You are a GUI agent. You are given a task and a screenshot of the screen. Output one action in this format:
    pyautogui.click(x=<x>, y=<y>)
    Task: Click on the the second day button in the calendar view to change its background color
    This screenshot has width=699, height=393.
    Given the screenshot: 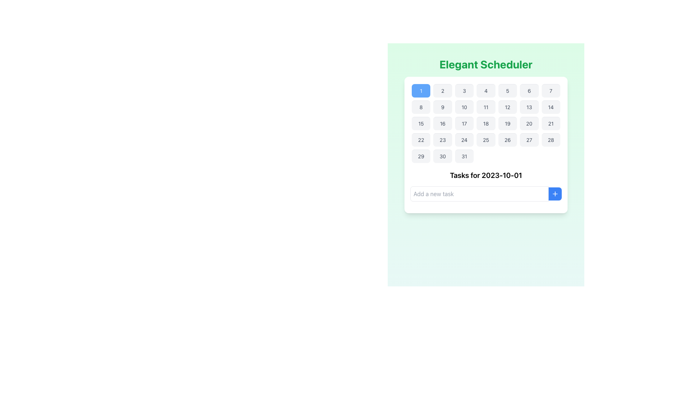 What is the action you would take?
    pyautogui.click(x=442, y=90)
    